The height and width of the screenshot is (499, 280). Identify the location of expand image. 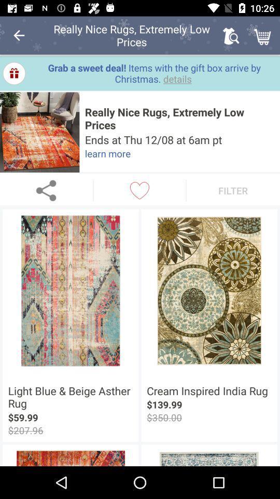
(39, 132).